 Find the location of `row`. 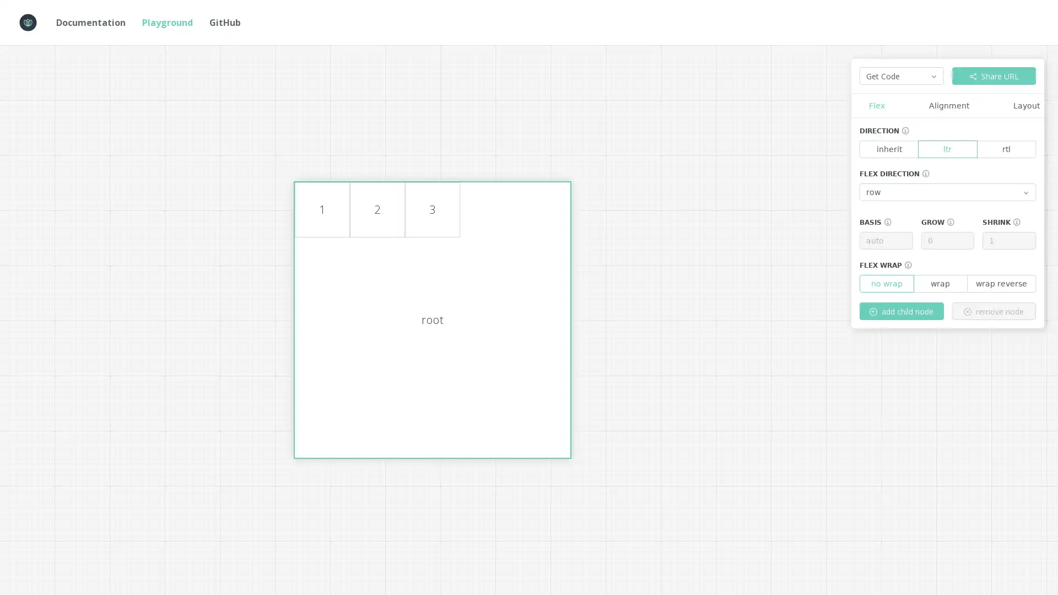

row is located at coordinates (947, 191).